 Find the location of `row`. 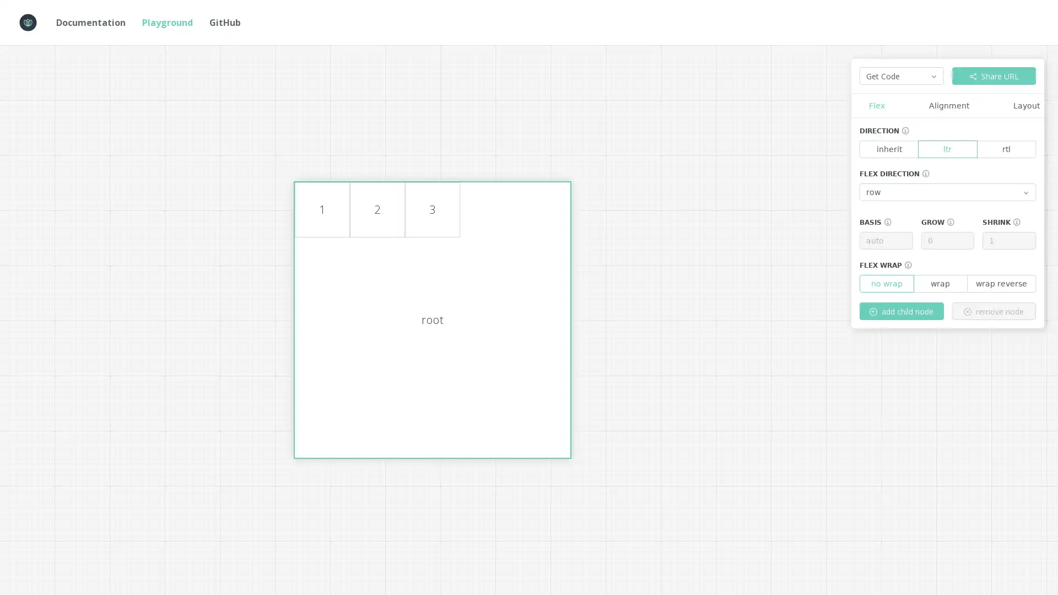

row is located at coordinates (947, 191).